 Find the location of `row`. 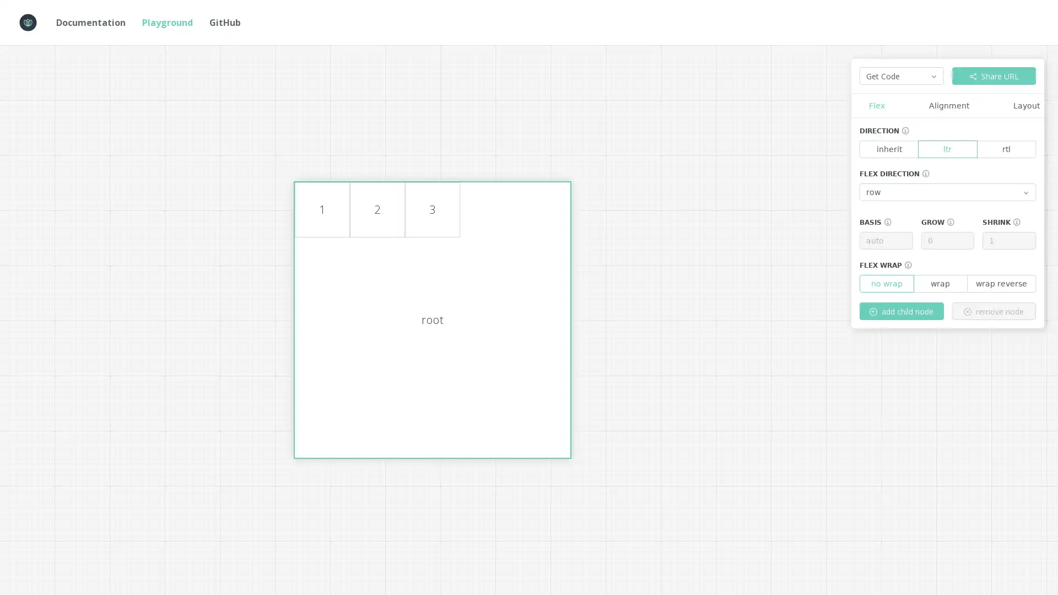

row is located at coordinates (947, 191).